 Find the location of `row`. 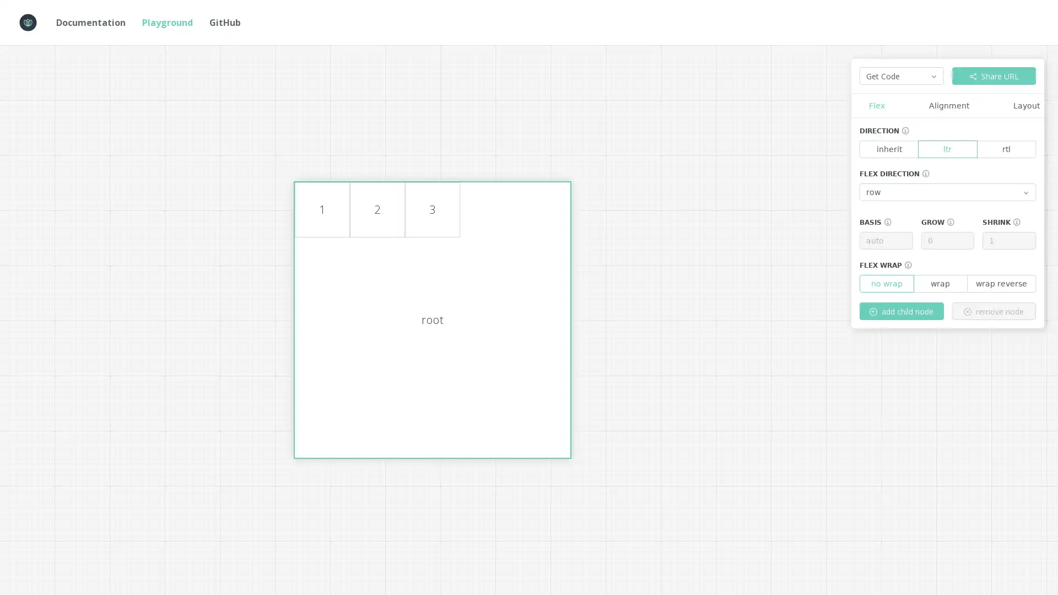

row is located at coordinates (947, 191).